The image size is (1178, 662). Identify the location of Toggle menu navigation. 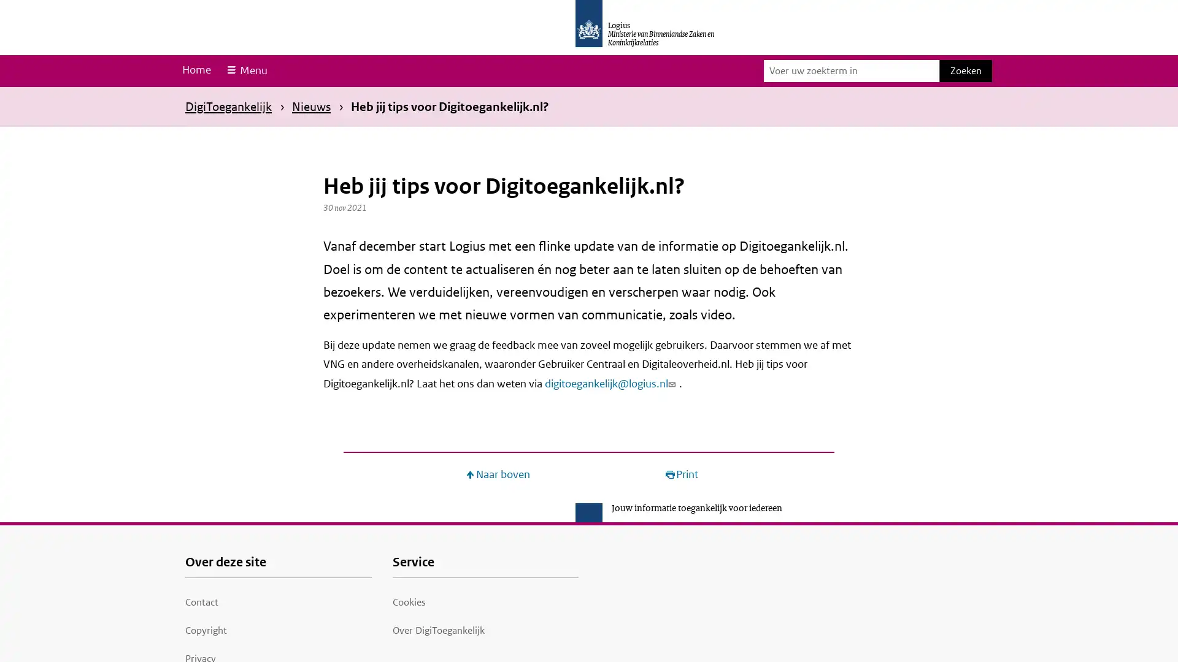
(245, 70).